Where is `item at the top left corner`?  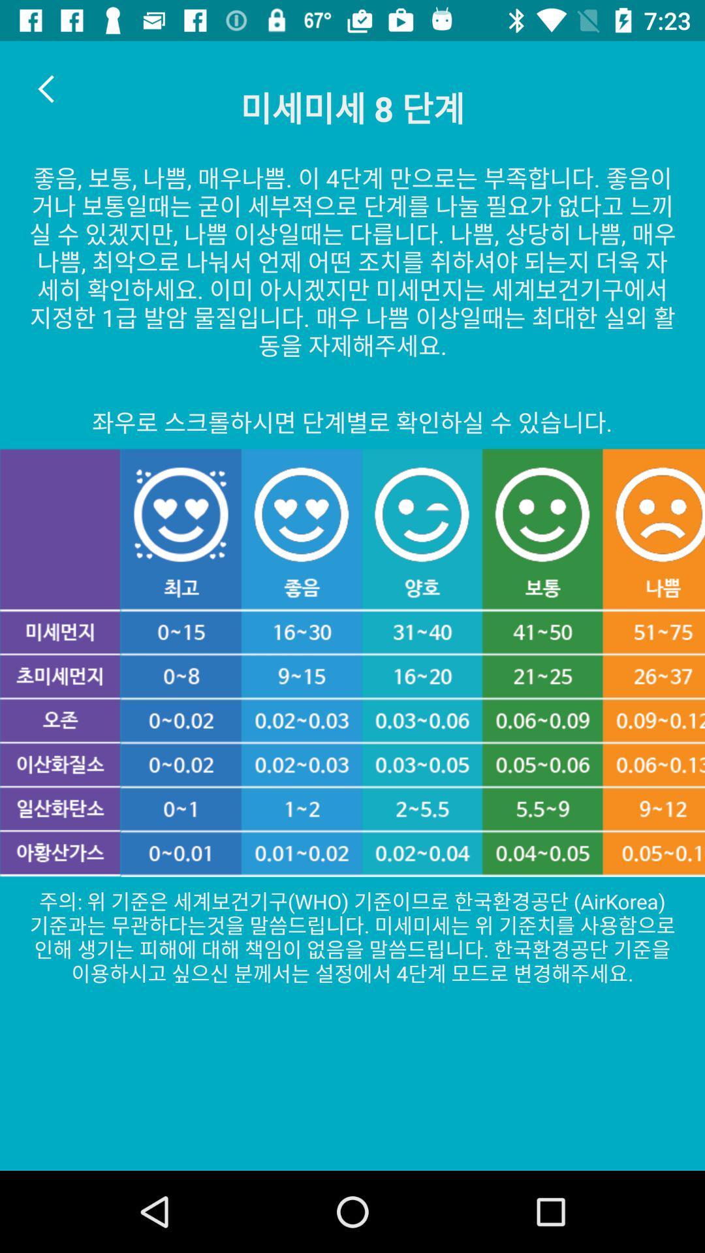 item at the top left corner is located at coordinates (47, 88).